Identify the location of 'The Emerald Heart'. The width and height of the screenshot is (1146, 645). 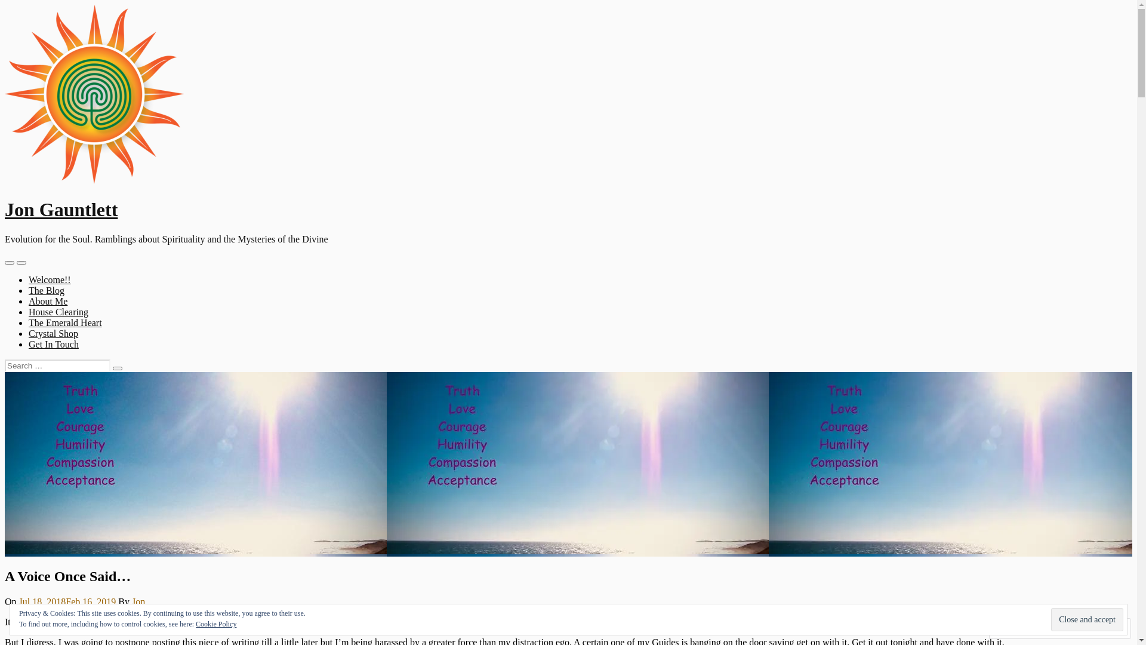
(29, 322).